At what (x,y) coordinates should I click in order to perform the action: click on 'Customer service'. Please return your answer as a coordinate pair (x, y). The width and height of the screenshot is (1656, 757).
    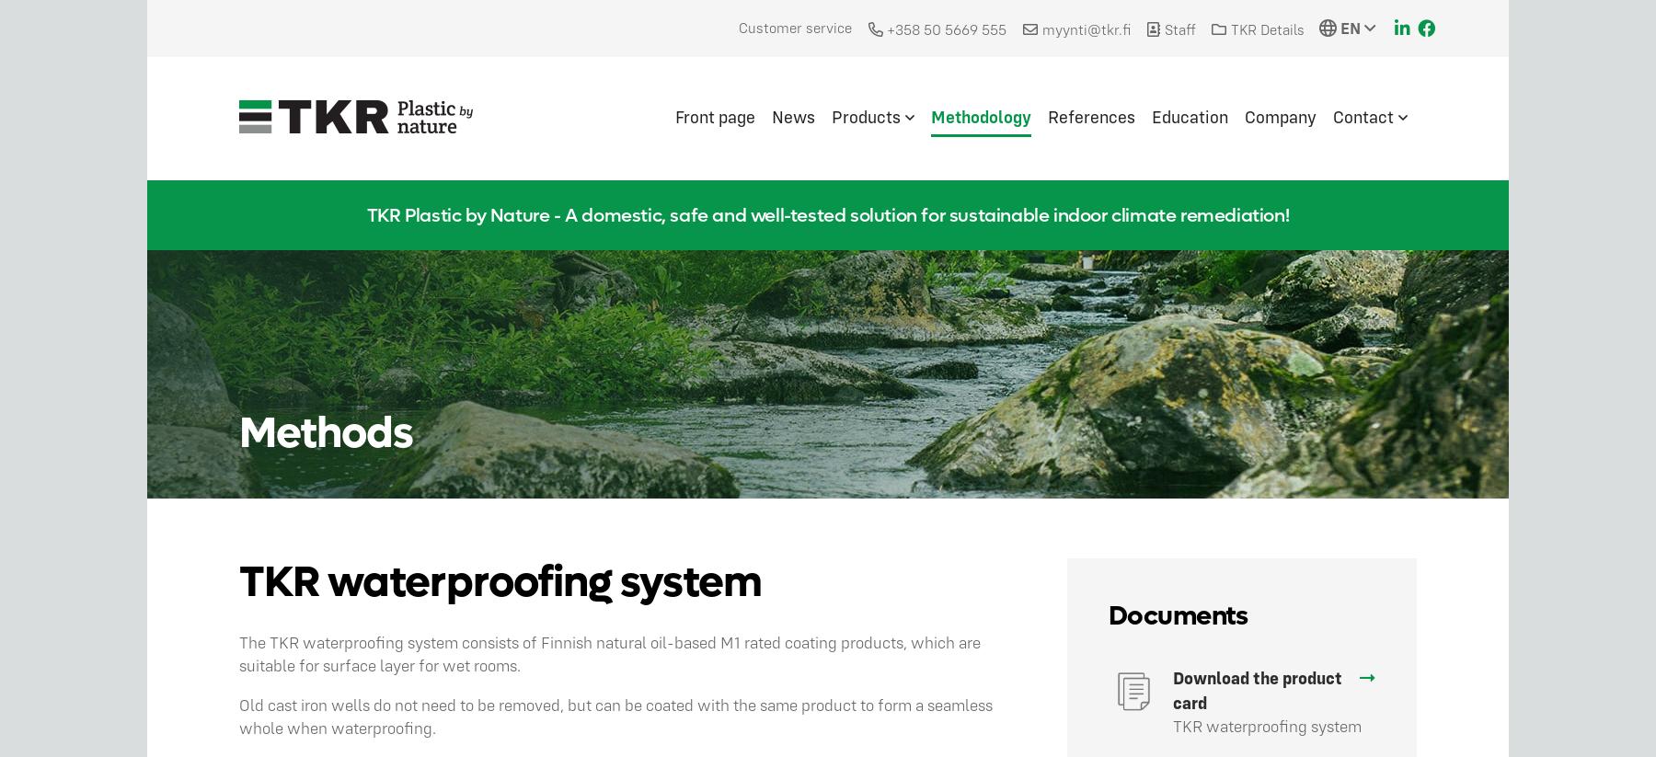
    Looking at the image, I should click on (794, 27).